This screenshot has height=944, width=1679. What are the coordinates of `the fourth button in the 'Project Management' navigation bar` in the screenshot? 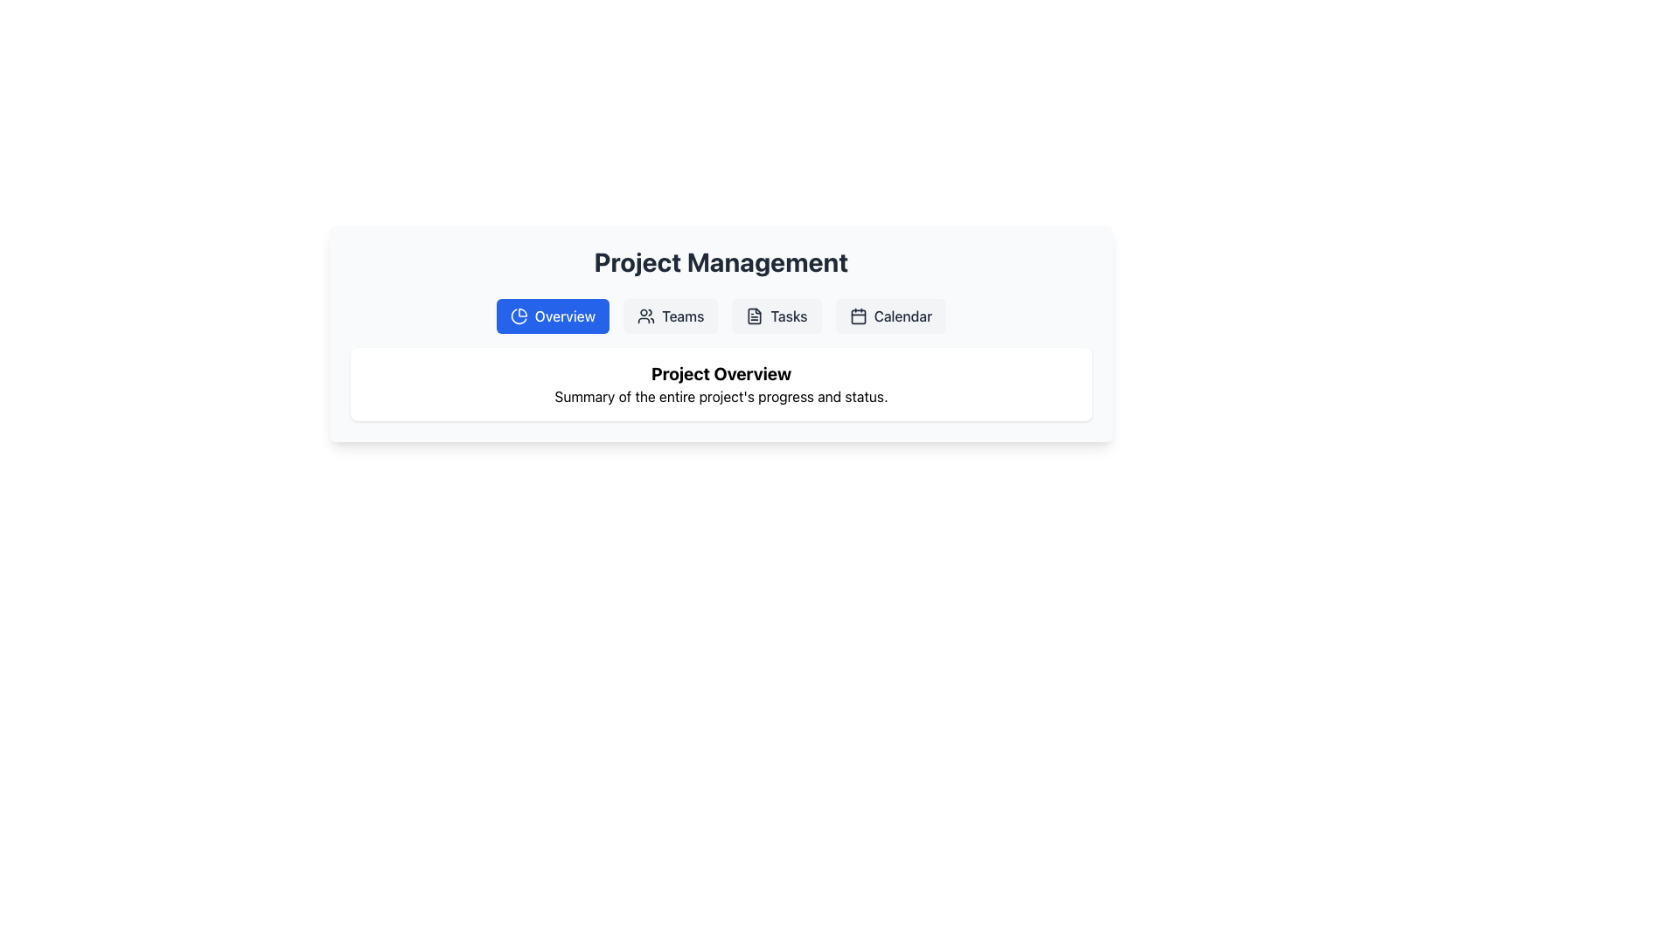 It's located at (890, 316).